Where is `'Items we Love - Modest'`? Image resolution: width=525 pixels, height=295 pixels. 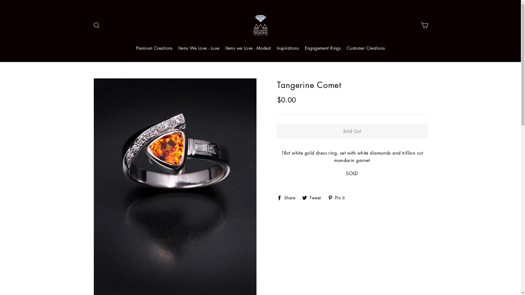 'Items we Love - Modest' is located at coordinates (248, 48).